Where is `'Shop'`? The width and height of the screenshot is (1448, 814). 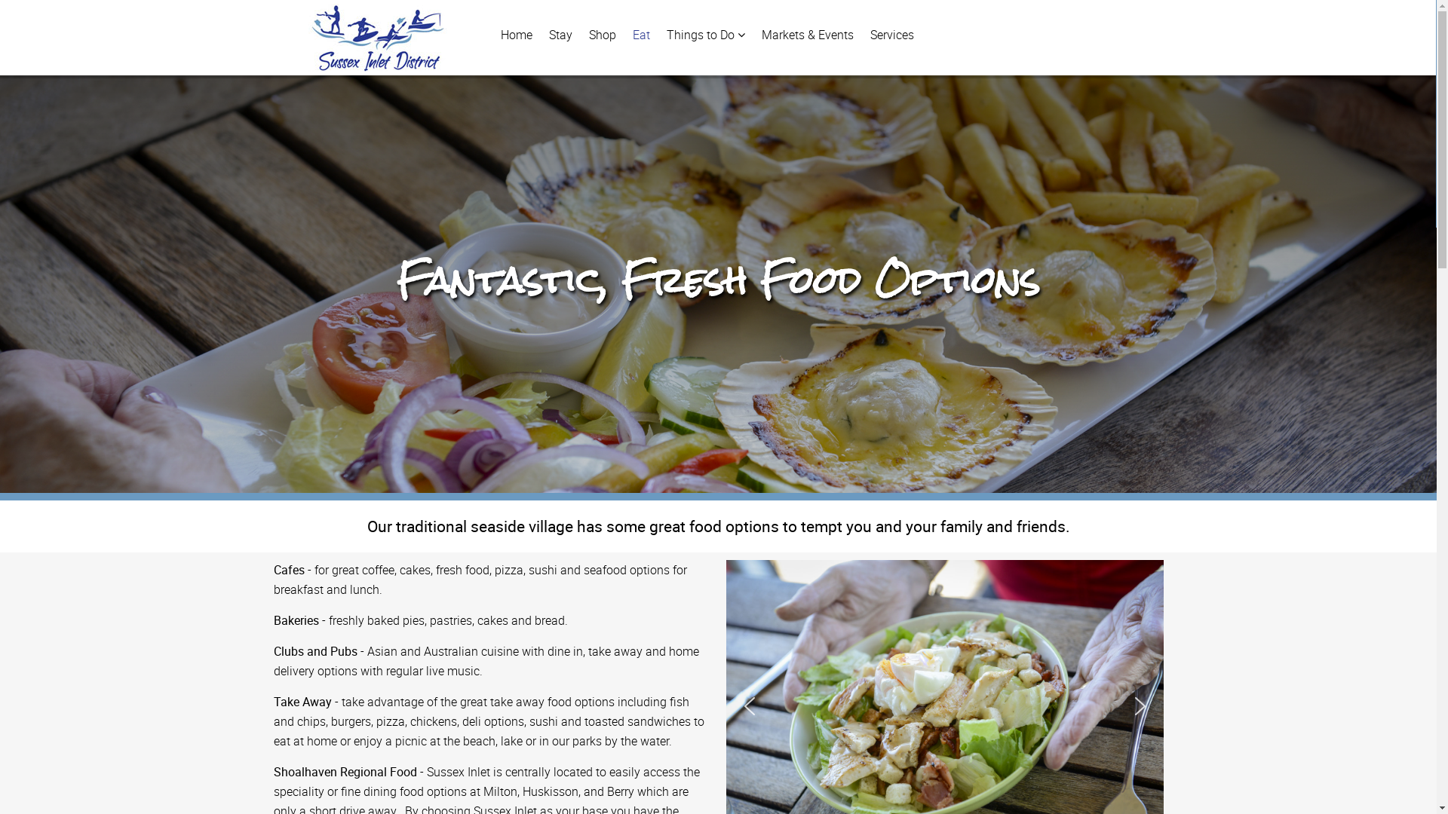 'Shop' is located at coordinates (600, 34).